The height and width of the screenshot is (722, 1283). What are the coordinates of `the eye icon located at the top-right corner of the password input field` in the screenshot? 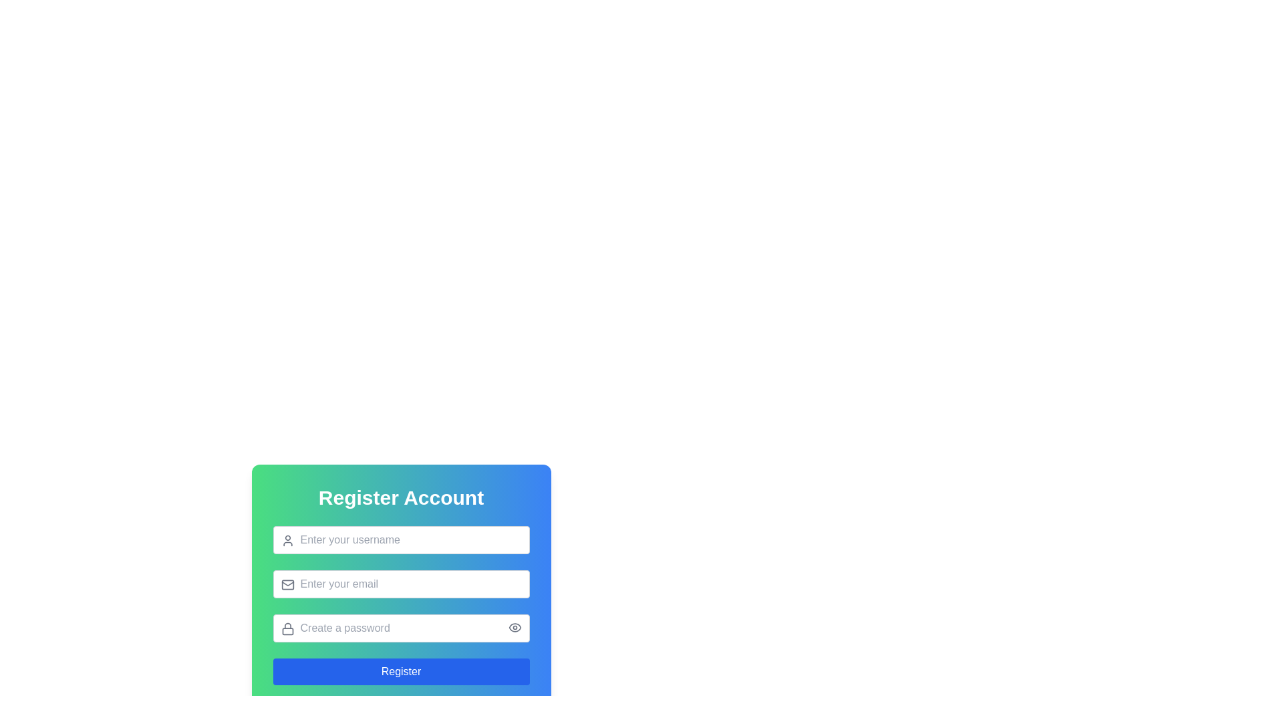 It's located at (514, 627).